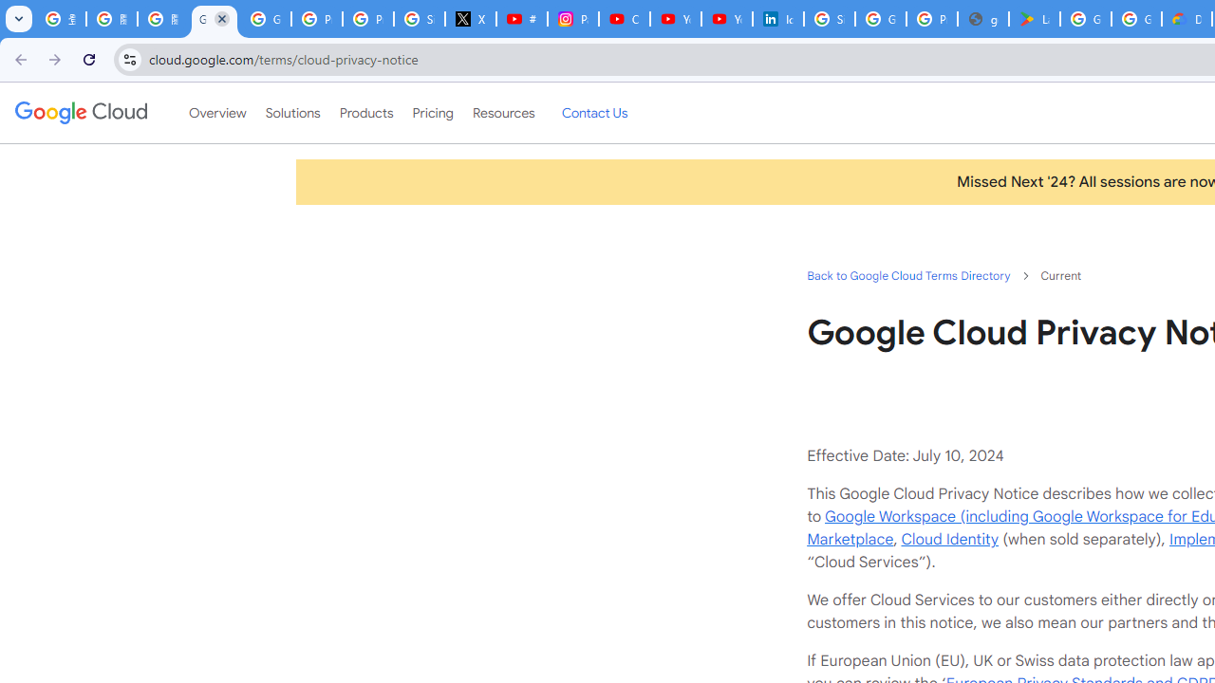 This screenshot has height=683, width=1215. Describe the element at coordinates (80, 113) in the screenshot. I see `'Google Cloud'` at that location.